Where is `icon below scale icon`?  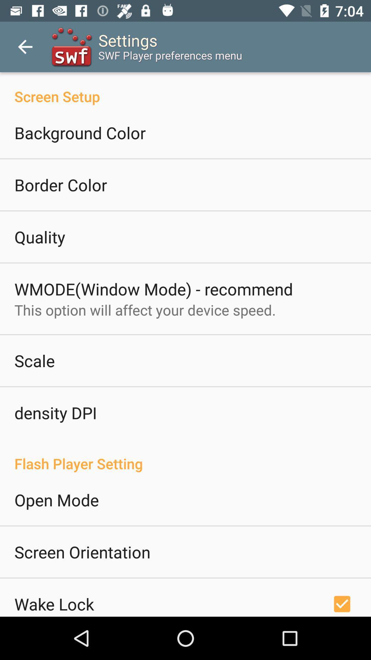
icon below scale icon is located at coordinates (55, 412).